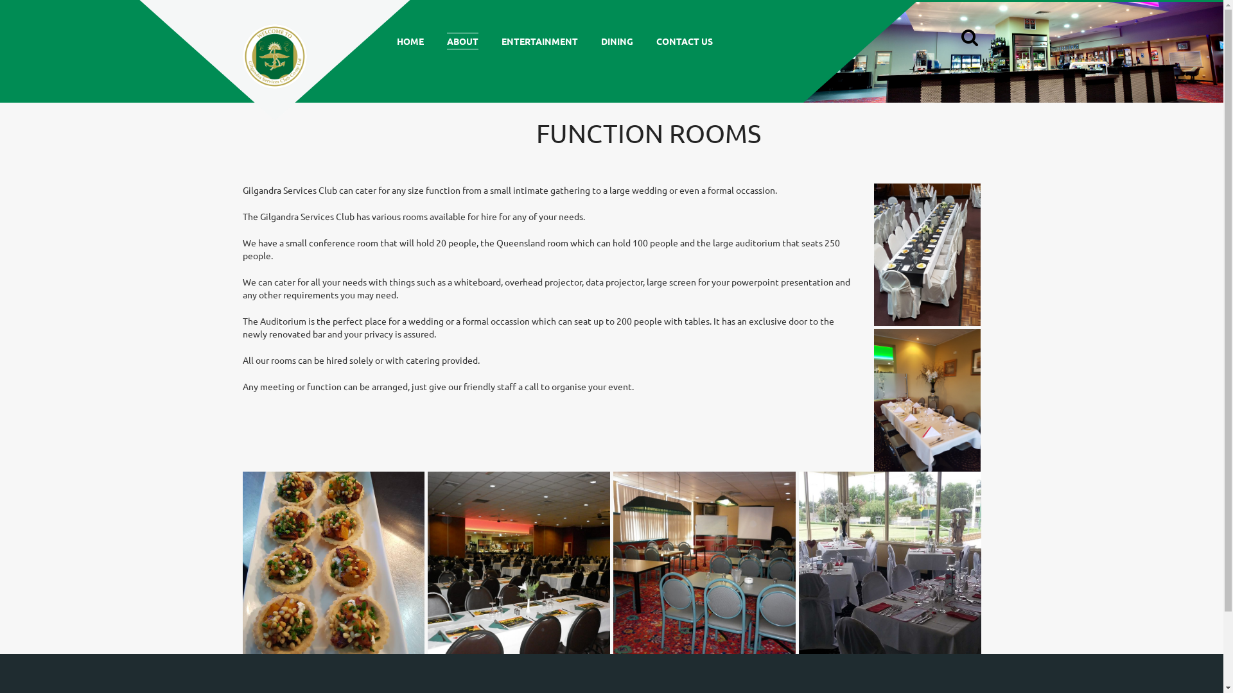  What do you see at coordinates (704, 561) in the screenshot?
I see `'p1000580'` at bounding box center [704, 561].